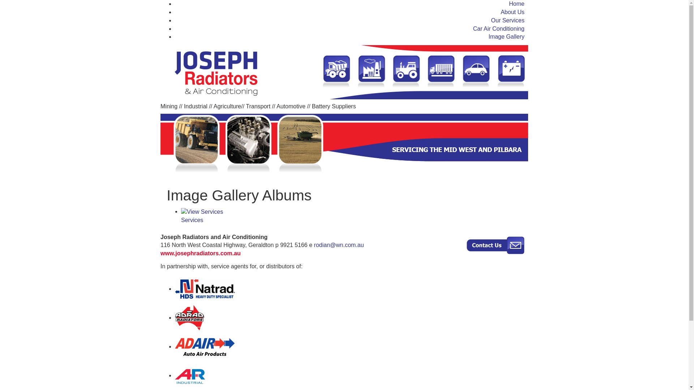  Describe the element at coordinates (507, 20) in the screenshot. I see `'Our Services'` at that location.